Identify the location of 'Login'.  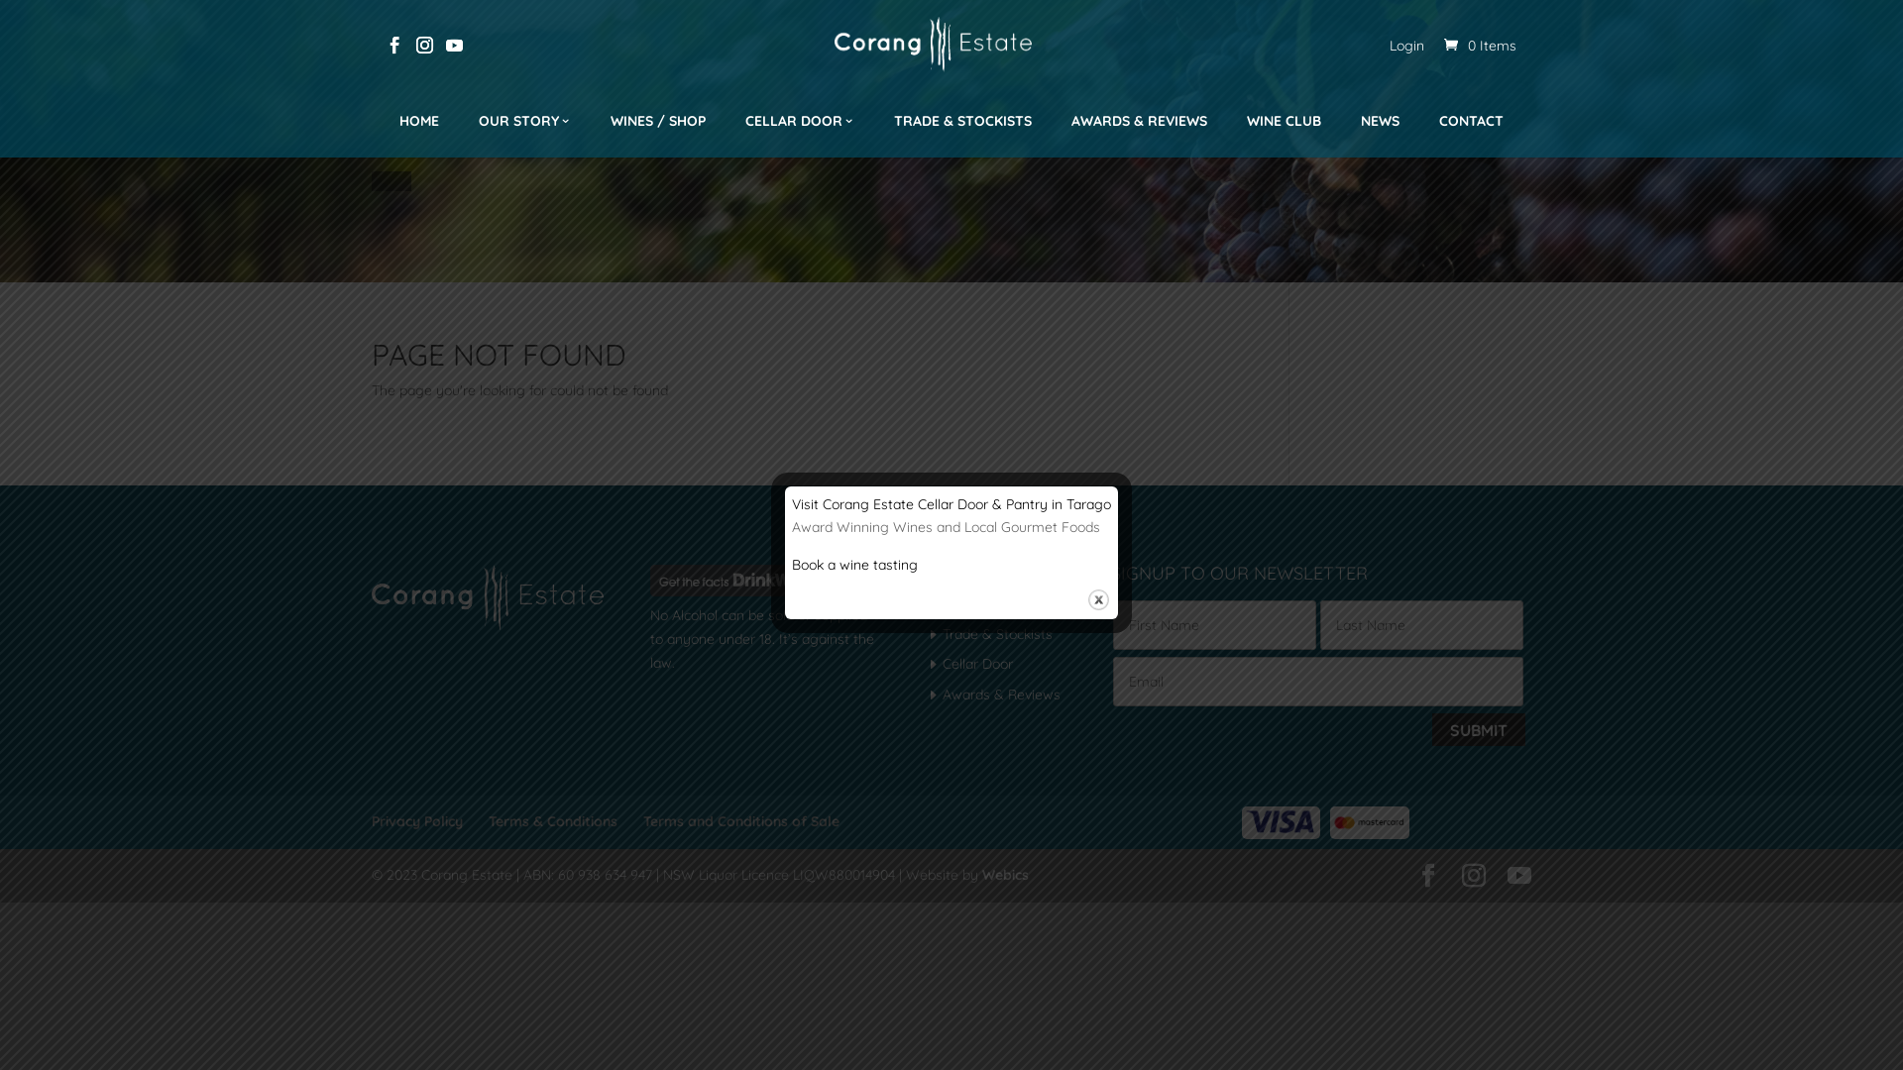
(1388, 45).